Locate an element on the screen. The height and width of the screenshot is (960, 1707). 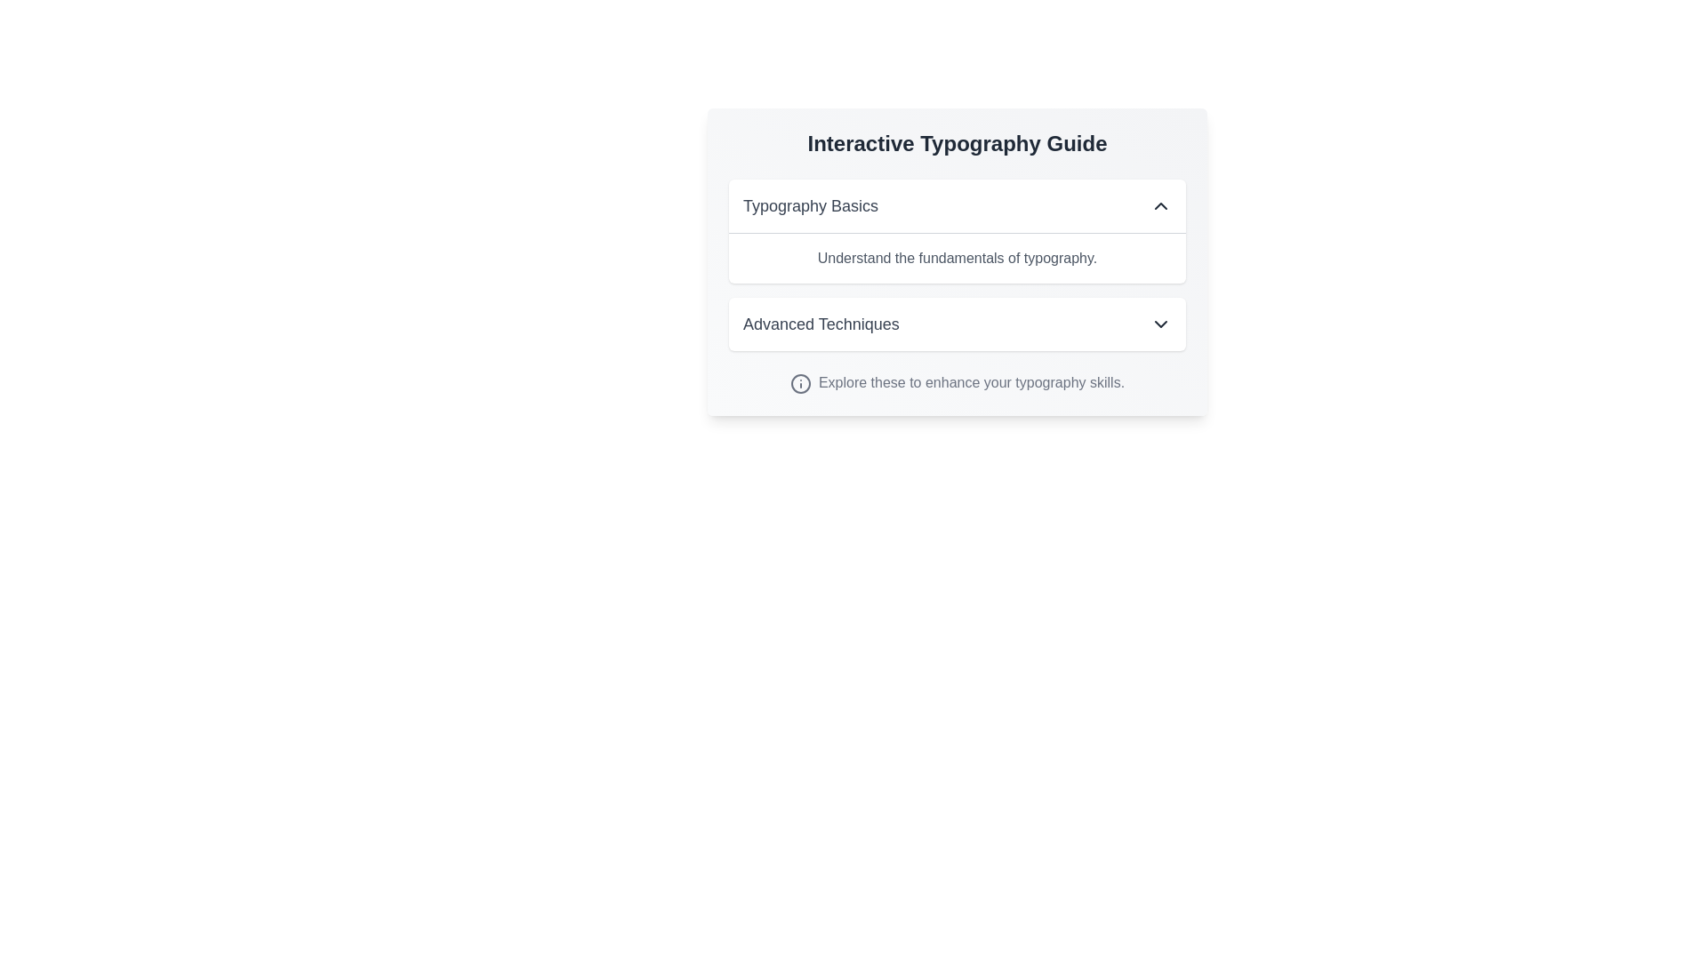
the small upward-pointing chevron icon button located at the far right of the 'Typography Basics' header bar is located at coordinates (1160, 204).